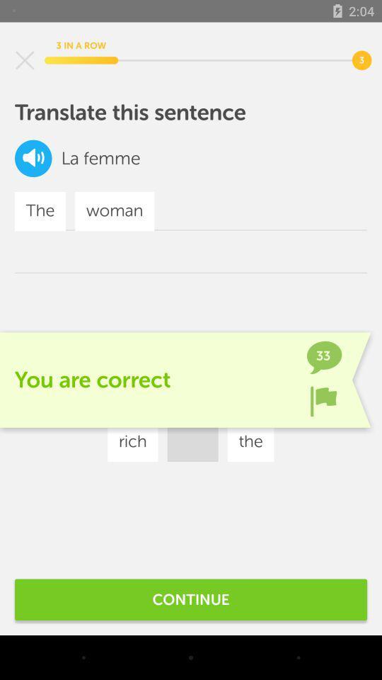 The height and width of the screenshot is (680, 382). What do you see at coordinates (25, 60) in the screenshot?
I see `screen` at bounding box center [25, 60].